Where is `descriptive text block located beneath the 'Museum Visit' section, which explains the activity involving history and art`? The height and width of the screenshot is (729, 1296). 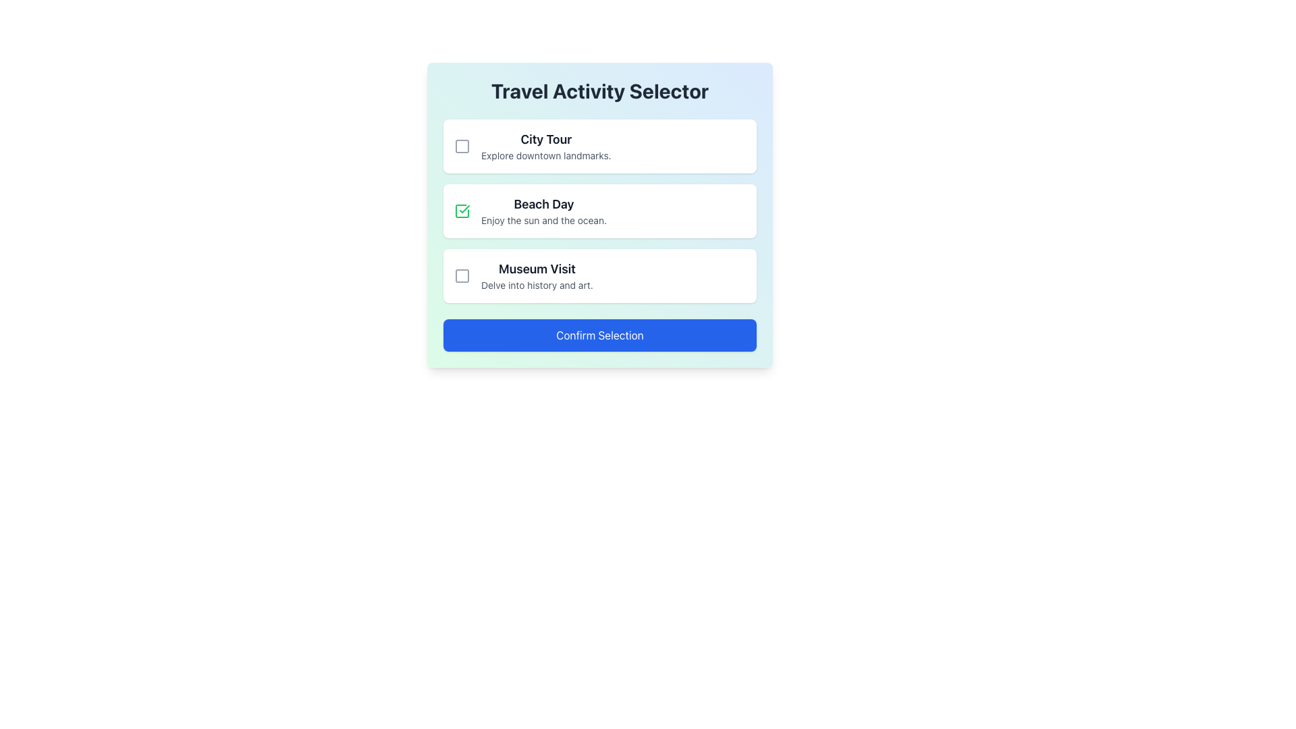 descriptive text block located beneath the 'Museum Visit' section, which explains the activity involving history and art is located at coordinates (536, 285).